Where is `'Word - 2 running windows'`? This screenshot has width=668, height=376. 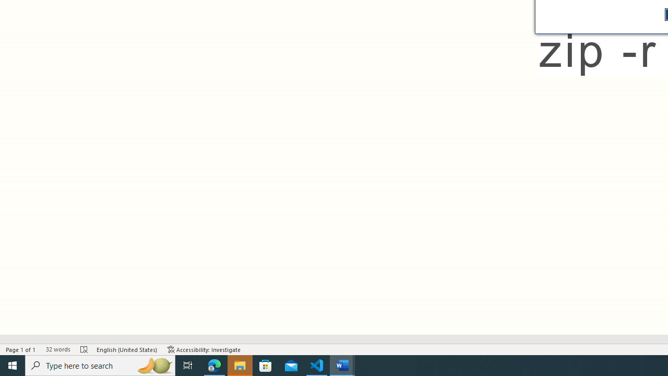 'Word - 2 running windows' is located at coordinates (342, 365).